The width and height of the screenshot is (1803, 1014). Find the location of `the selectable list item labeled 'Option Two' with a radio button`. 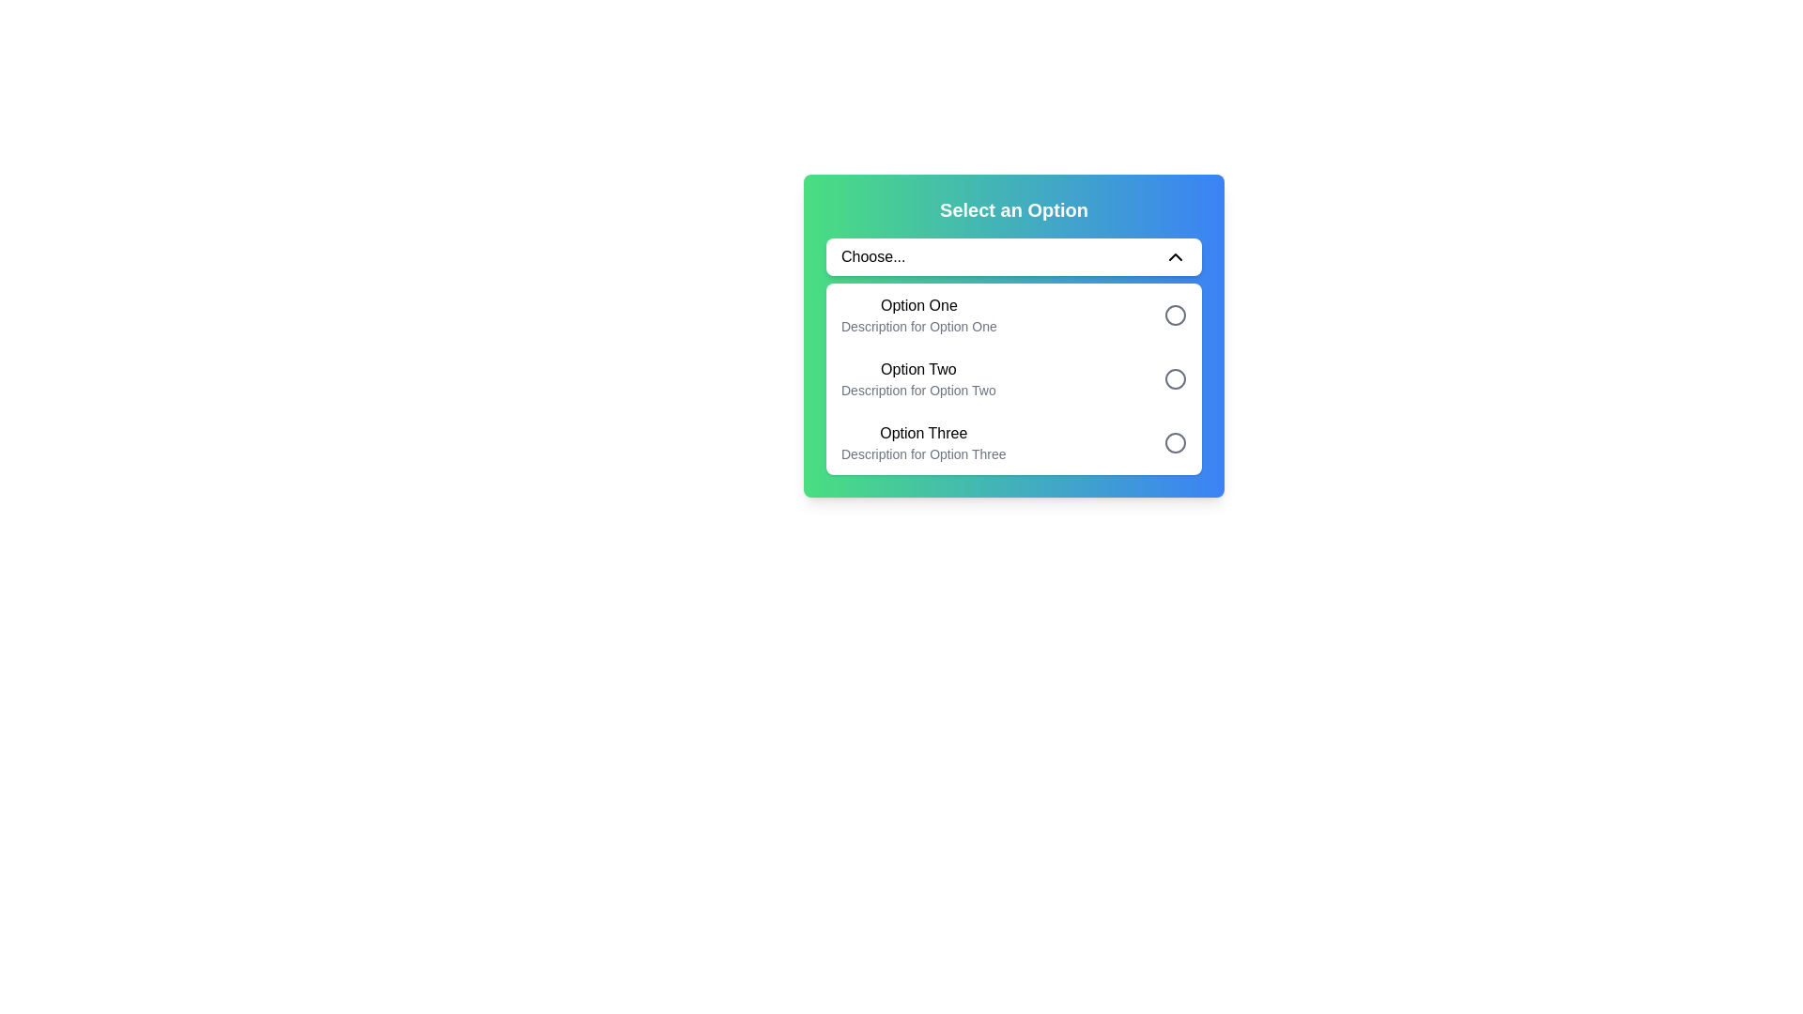

the selectable list item labeled 'Option Two' with a radio button is located at coordinates (1013, 379).